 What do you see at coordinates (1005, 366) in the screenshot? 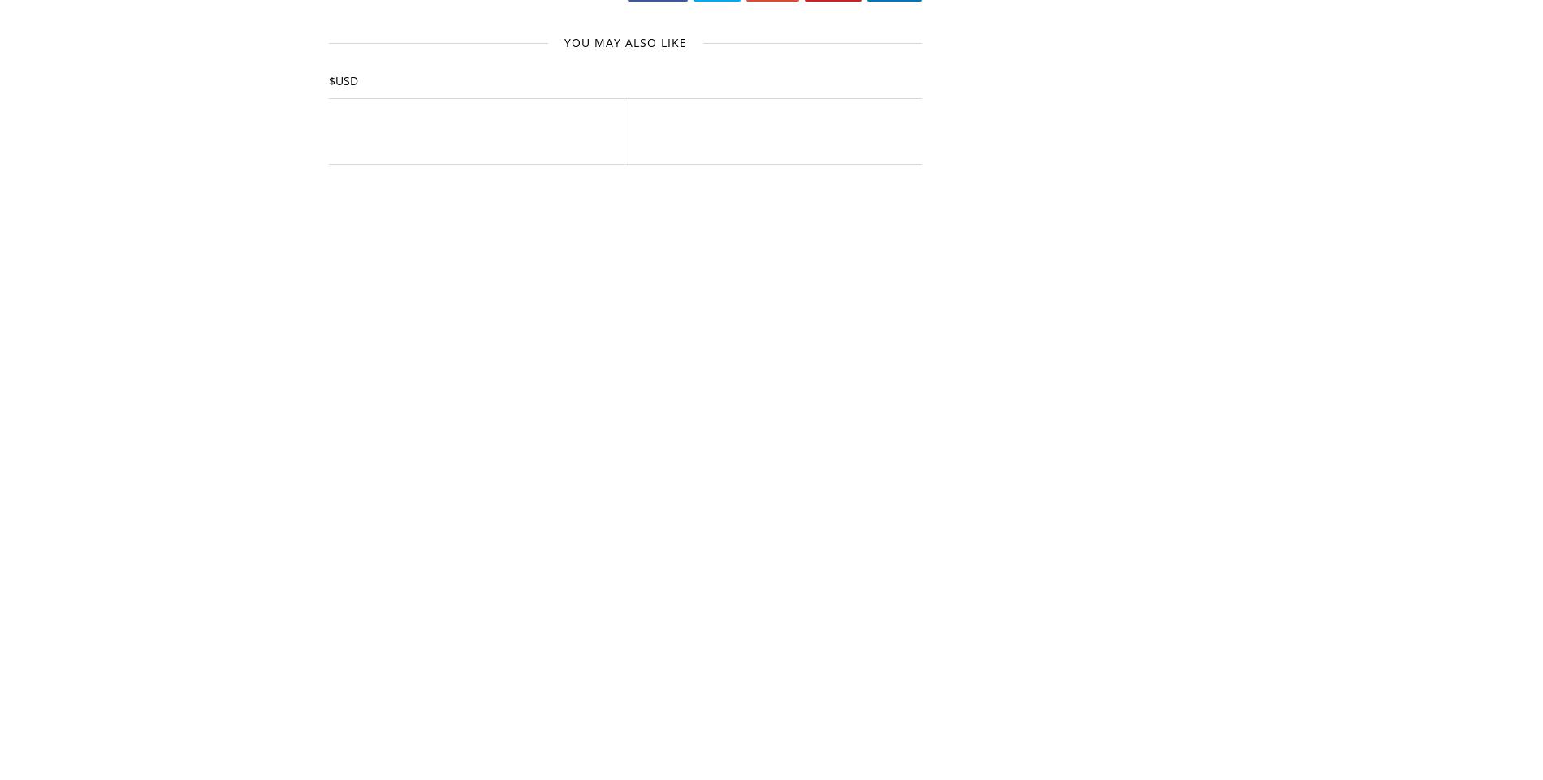
I see `'June 2018'` at bounding box center [1005, 366].